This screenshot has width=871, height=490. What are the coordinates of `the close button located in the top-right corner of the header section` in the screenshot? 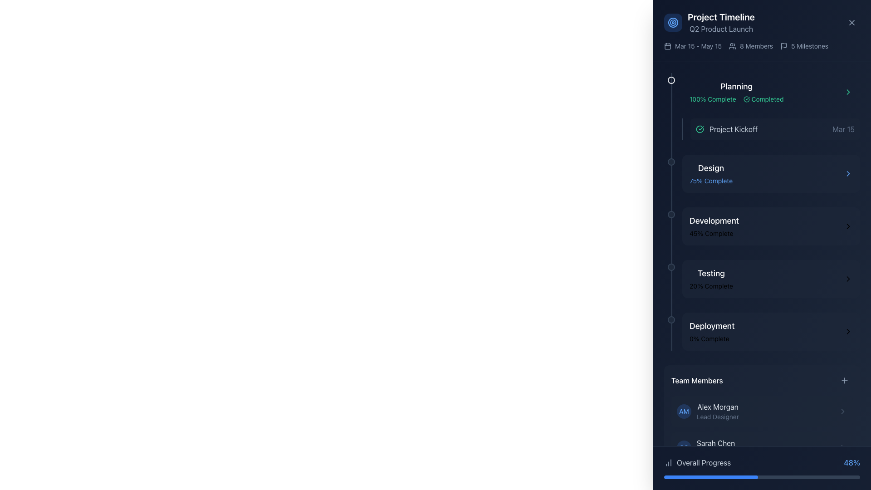 It's located at (851, 22).